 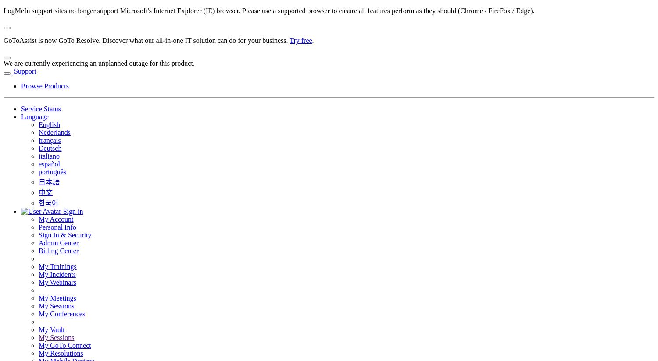 I want to click on 'My Vault', so click(x=51, y=329).